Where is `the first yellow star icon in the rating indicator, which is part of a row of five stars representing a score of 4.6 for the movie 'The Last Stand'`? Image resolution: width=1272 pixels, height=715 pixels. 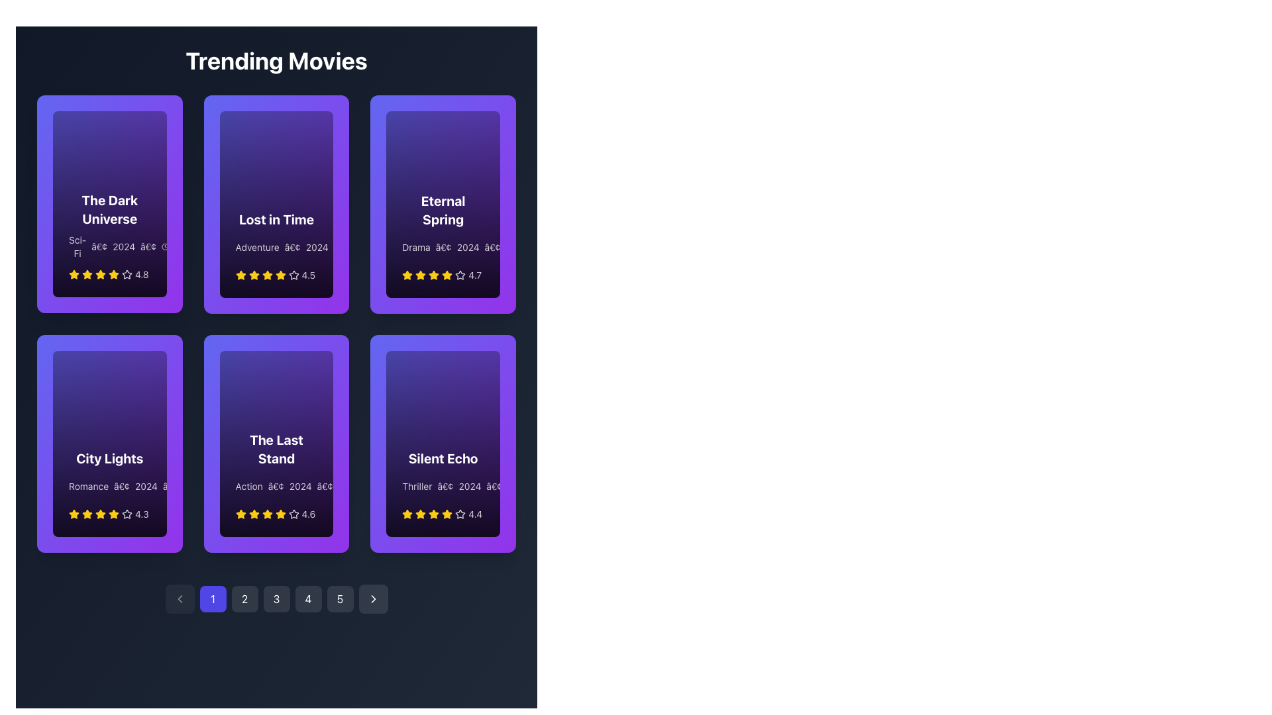 the first yellow star icon in the rating indicator, which is part of a row of five stars representing a score of 4.6 for the movie 'The Last Stand' is located at coordinates (240, 513).